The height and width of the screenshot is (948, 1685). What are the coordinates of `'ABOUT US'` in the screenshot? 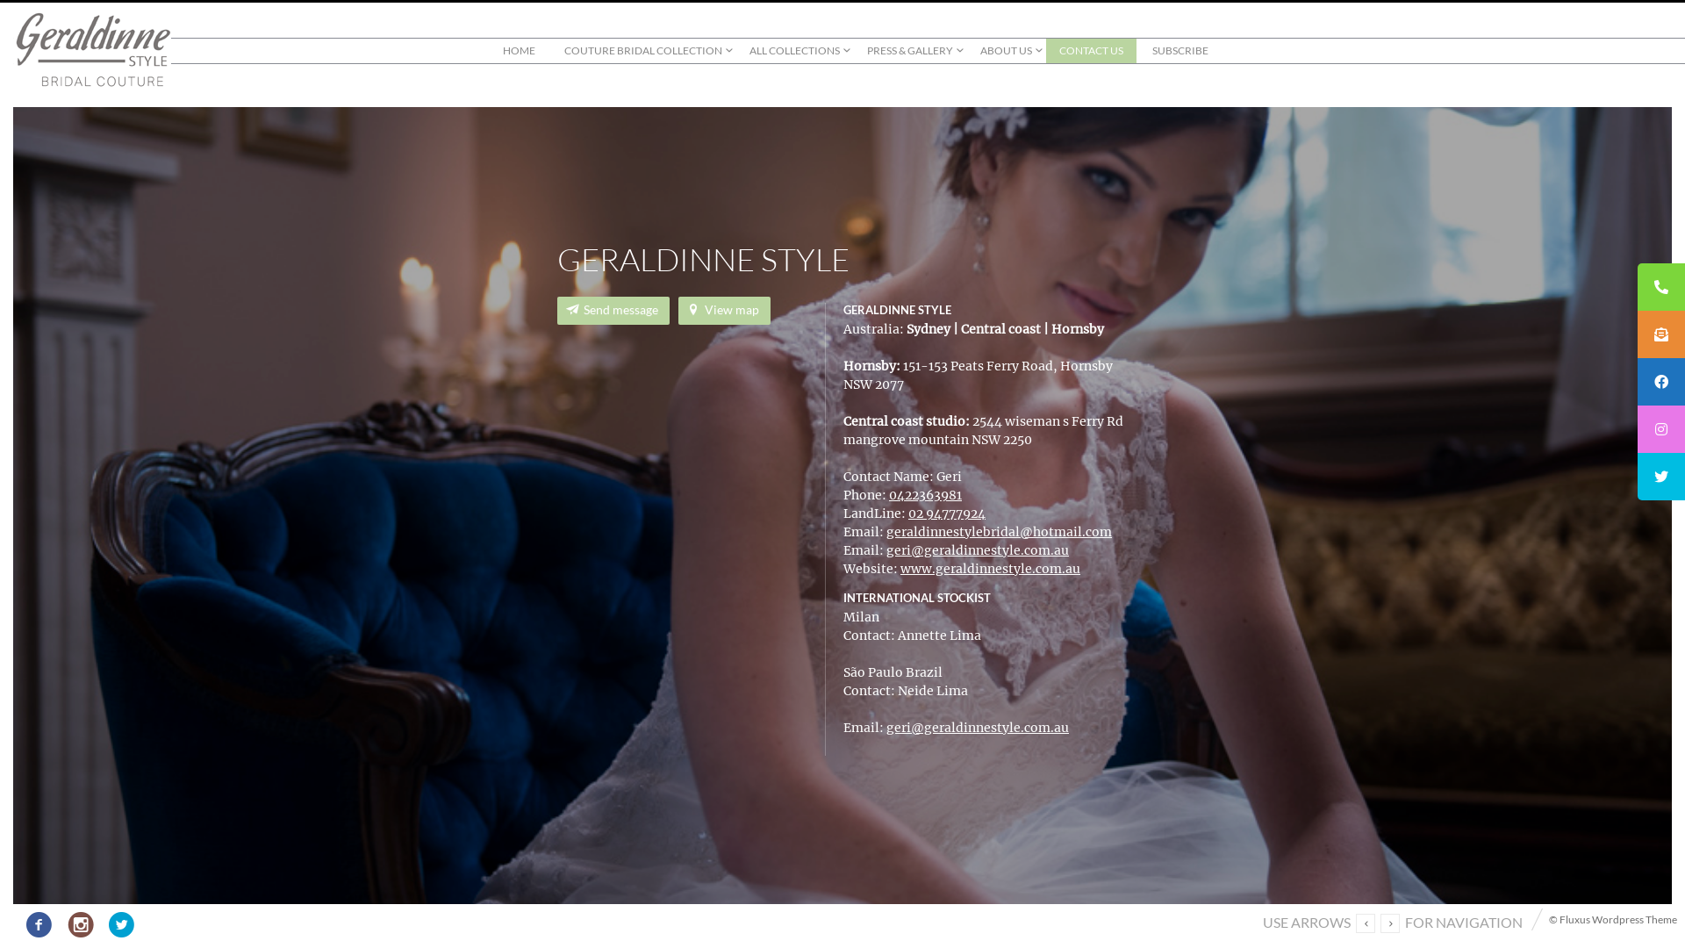 It's located at (1005, 49).